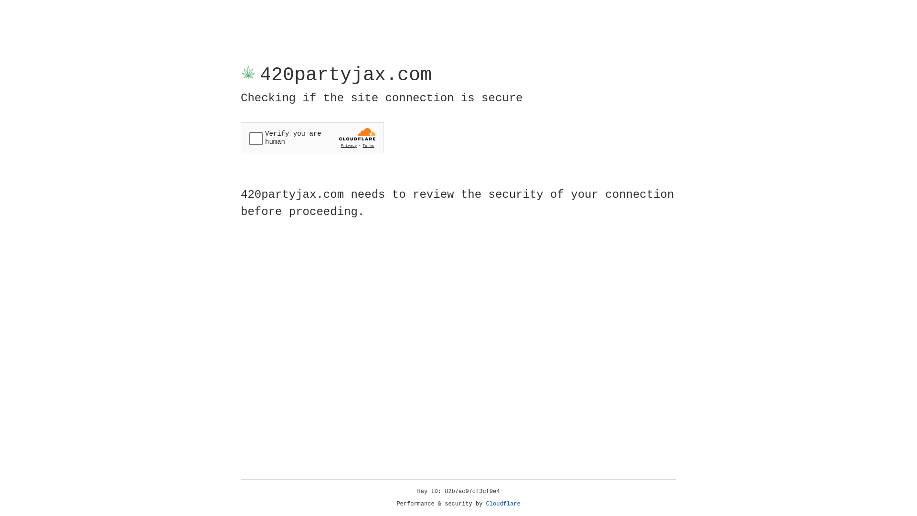 The width and height of the screenshot is (917, 516). What do you see at coordinates (503, 504) in the screenshot?
I see `'Cloudflare'` at bounding box center [503, 504].